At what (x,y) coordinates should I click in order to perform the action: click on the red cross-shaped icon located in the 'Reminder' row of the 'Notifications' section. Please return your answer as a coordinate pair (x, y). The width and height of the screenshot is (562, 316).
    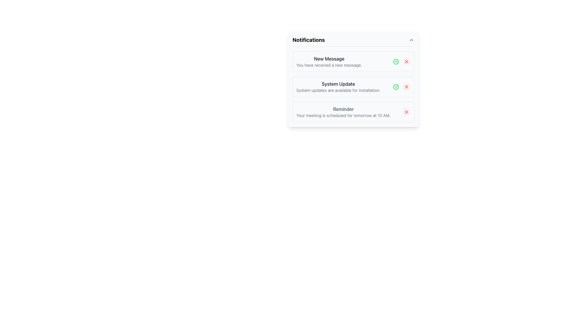
    Looking at the image, I should click on (406, 112).